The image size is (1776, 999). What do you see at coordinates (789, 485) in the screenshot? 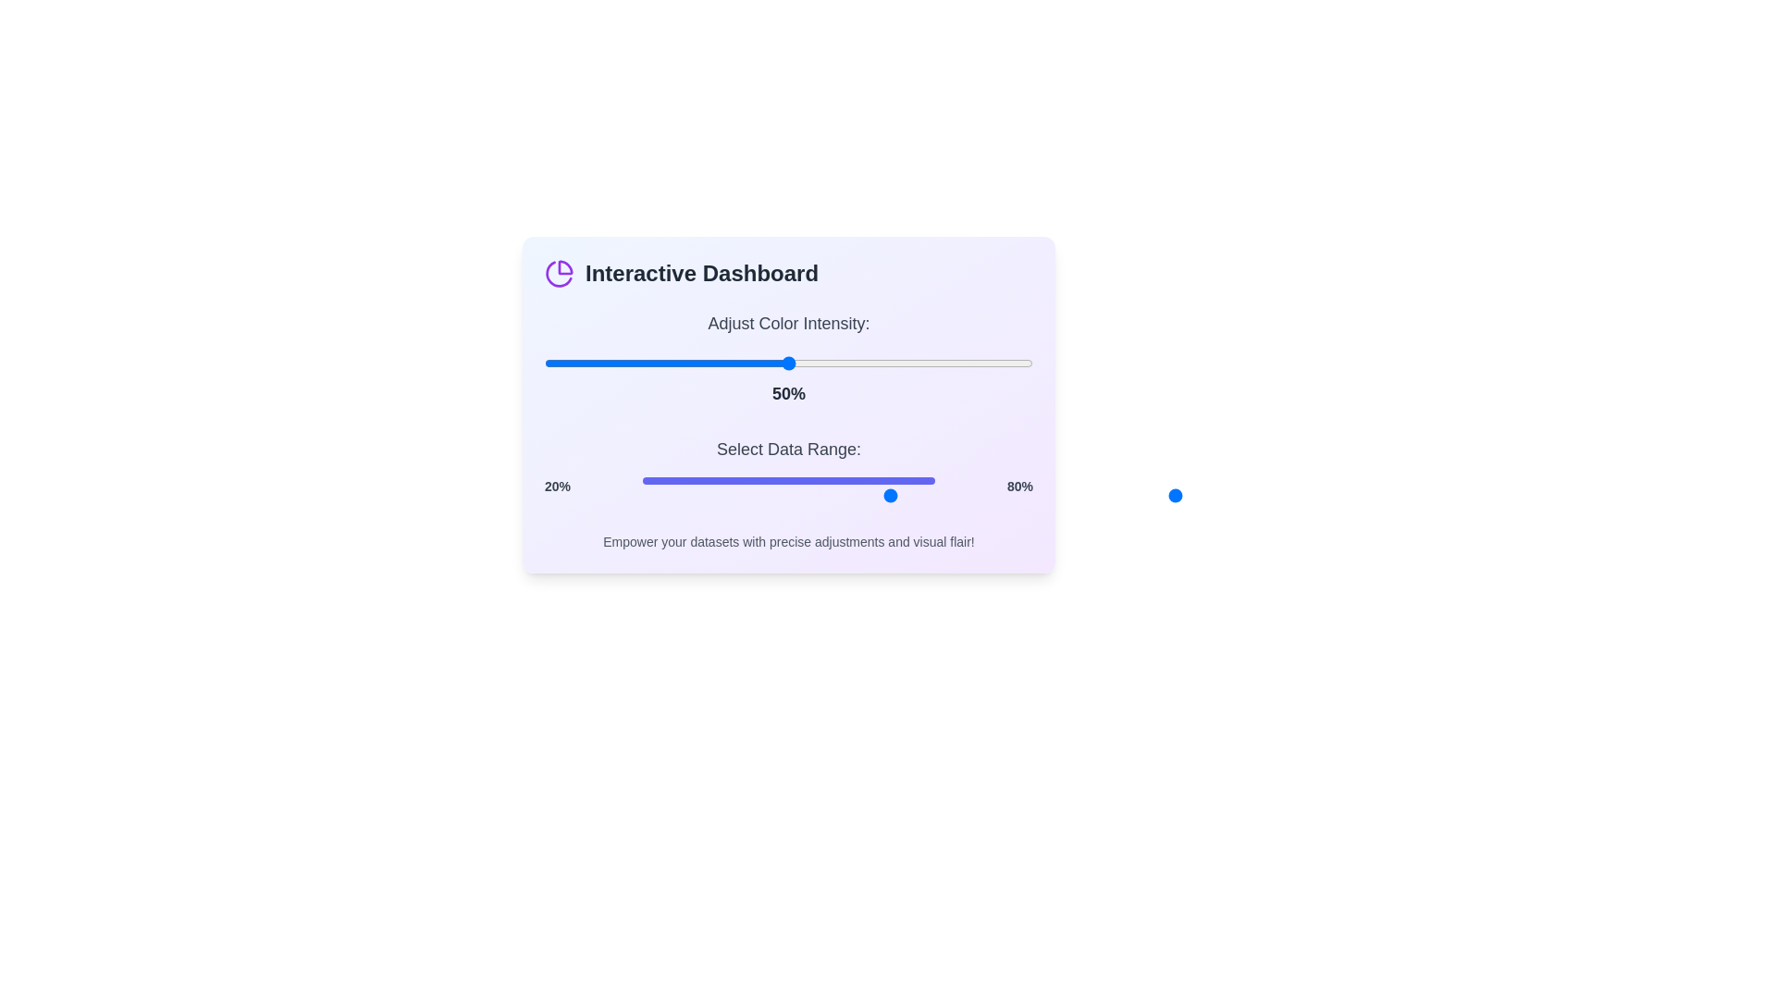
I see `values displayed on the text labels '20%' and '80%' located at the ends of the data range bar, which is centered within the 'Select Data Range:' component` at bounding box center [789, 485].